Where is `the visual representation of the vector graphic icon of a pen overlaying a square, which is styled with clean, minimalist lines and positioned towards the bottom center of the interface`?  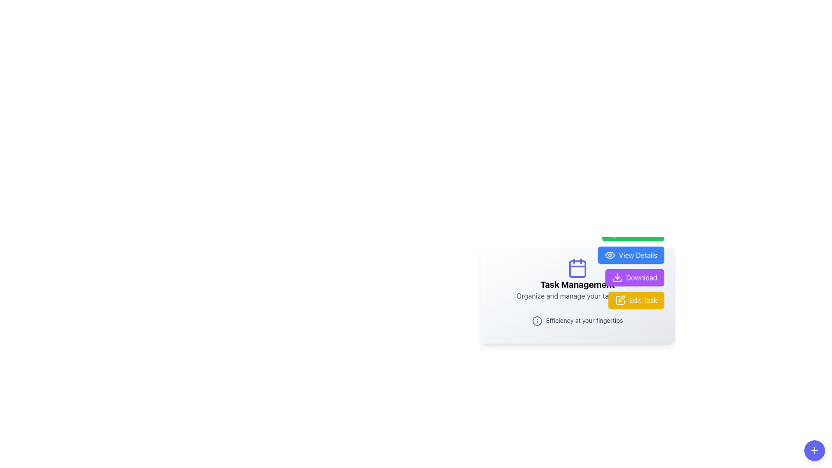
the visual representation of the vector graphic icon of a pen overlaying a square, which is styled with clean, minimalist lines and positioned towards the bottom center of the interface is located at coordinates (621, 298).